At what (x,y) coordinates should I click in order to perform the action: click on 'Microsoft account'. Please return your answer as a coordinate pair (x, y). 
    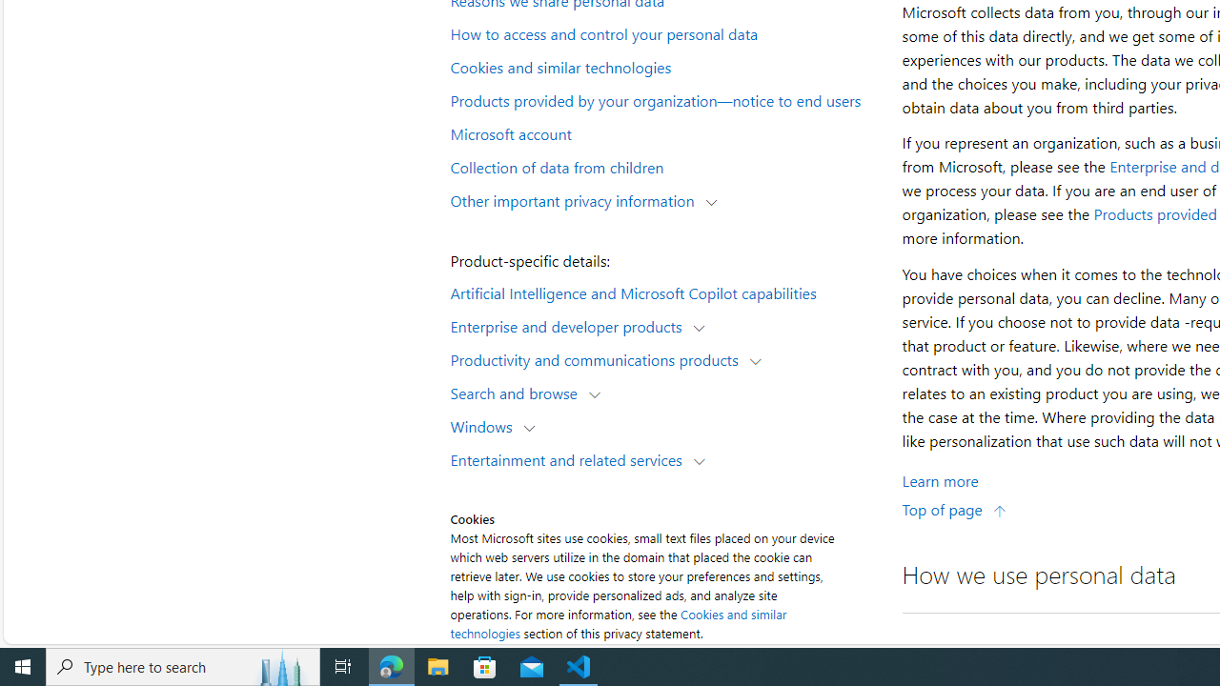
    Looking at the image, I should click on (663, 131).